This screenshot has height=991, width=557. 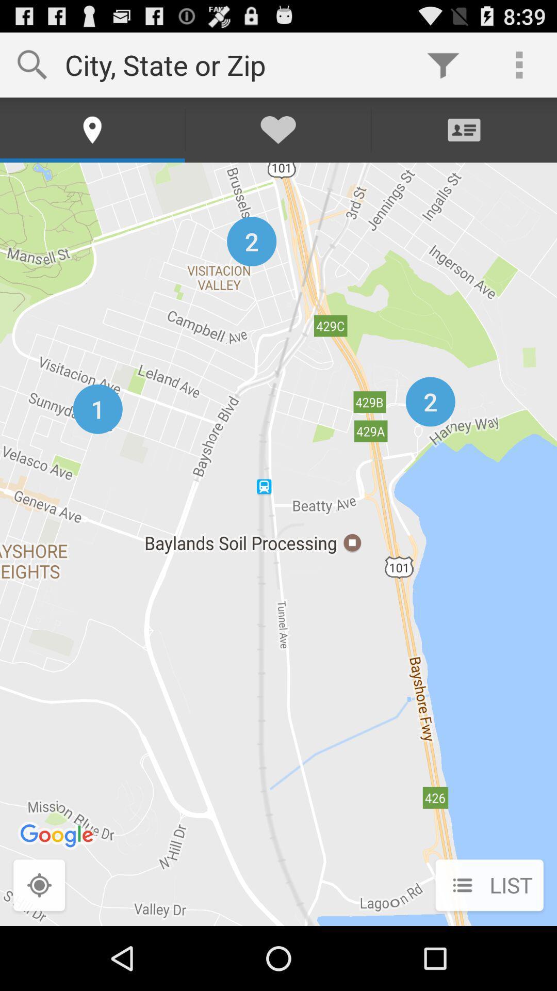 What do you see at coordinates (443, 64) in the screenshot?
I see `the app to the right of the city state or icon` at bounding box center [443, 64].